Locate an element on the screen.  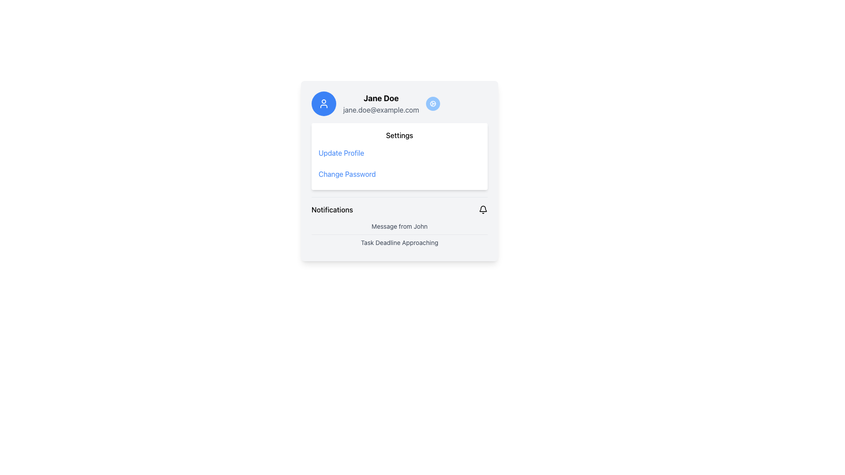
the settings button located to the right of the name 'Jane Doe' is located at coordinates (433, 103).